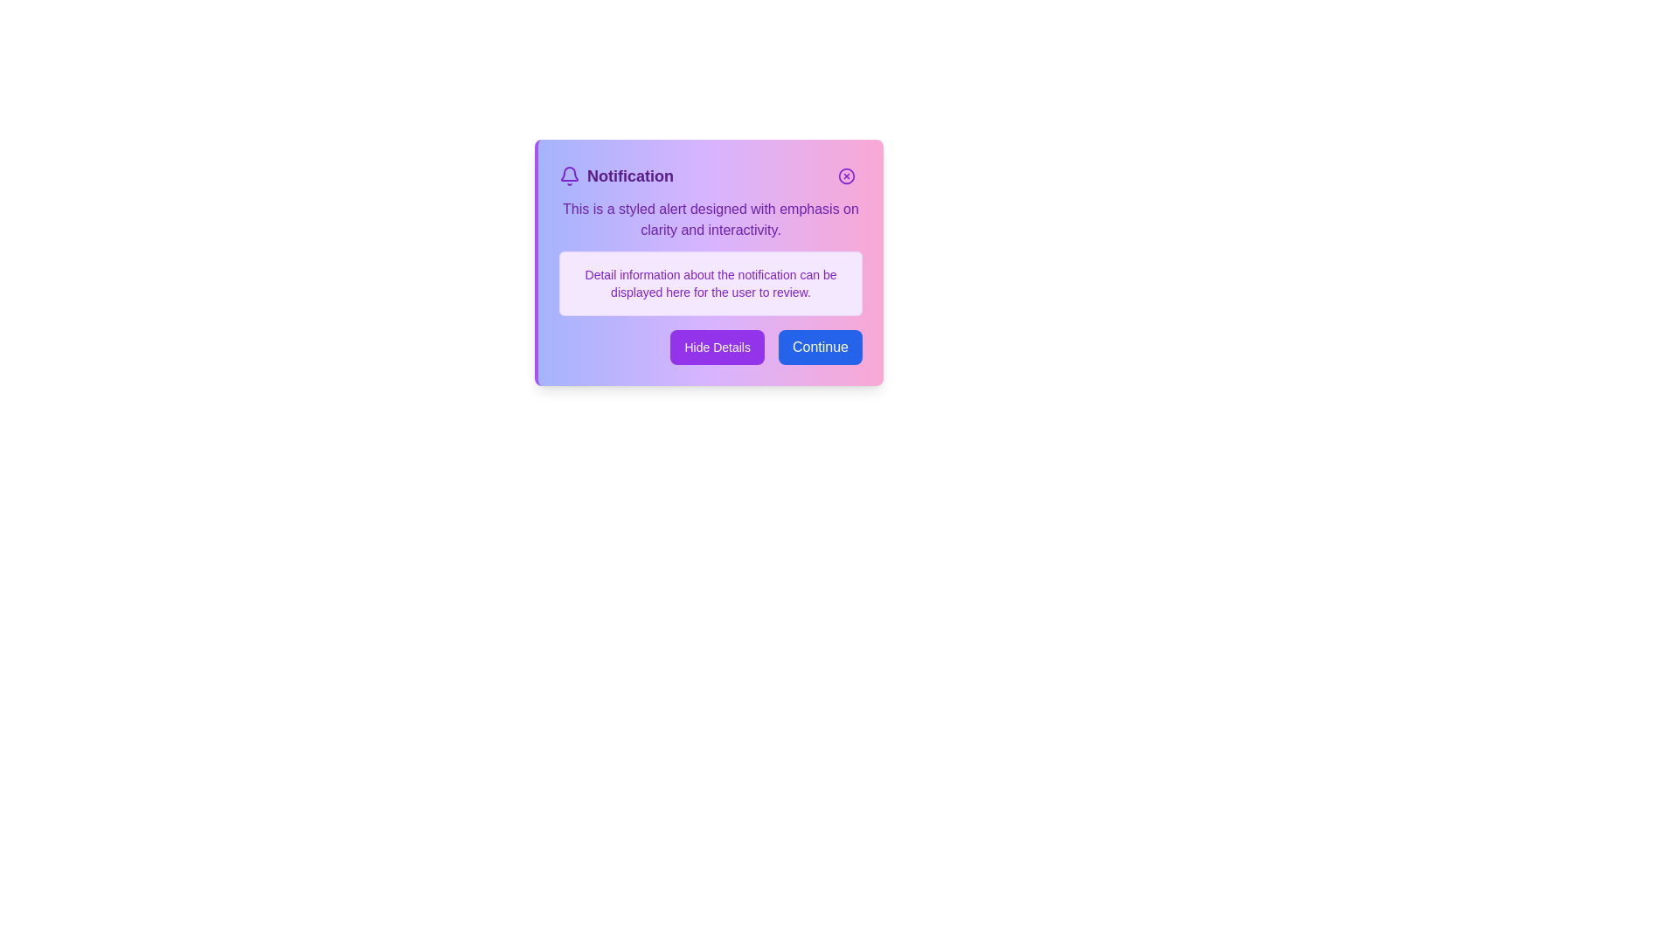 Image resolution: width=1678 pixels, height=943 pixels. I want to click on the notification icon to inspect its details, so click(570, 176).